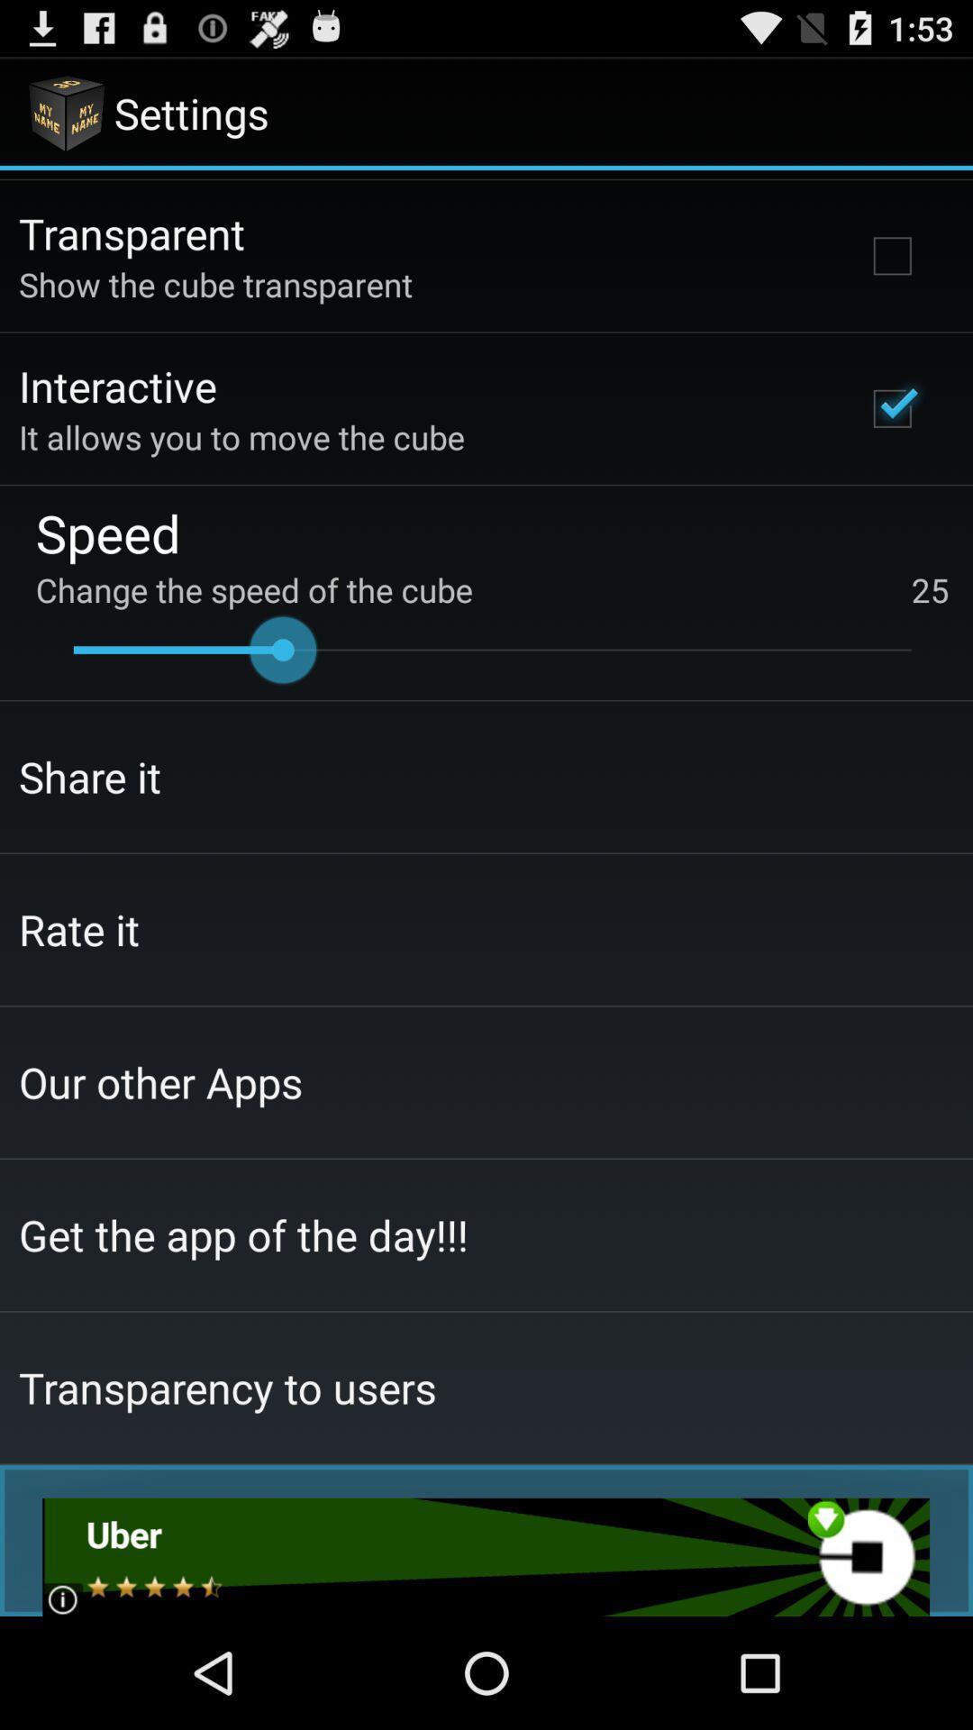  What do you see at coordinates (492, 649) in the screenshot?
I see `the icon above the share it app` at bounding box center [492, 649].